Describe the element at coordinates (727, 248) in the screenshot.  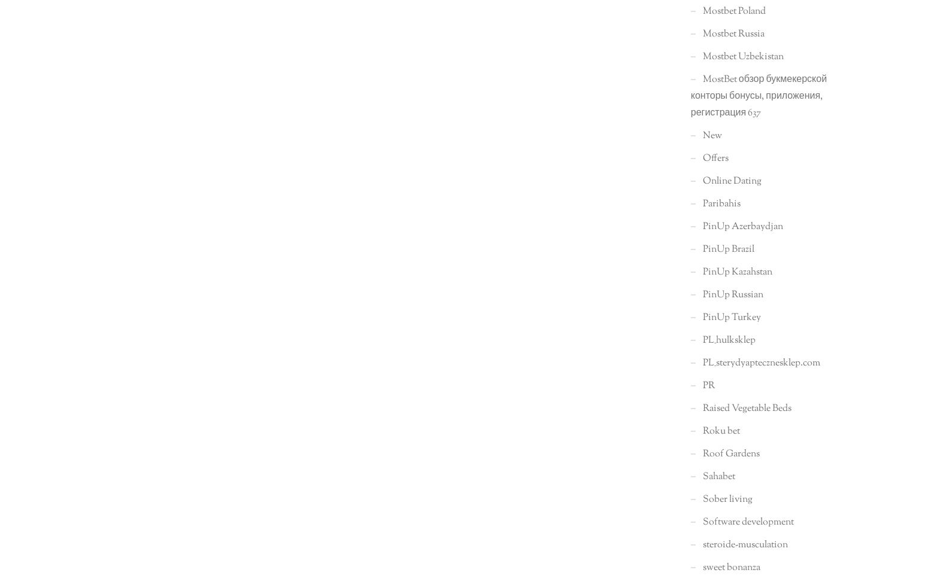
I see `'PinUp Brazil'` at that location.